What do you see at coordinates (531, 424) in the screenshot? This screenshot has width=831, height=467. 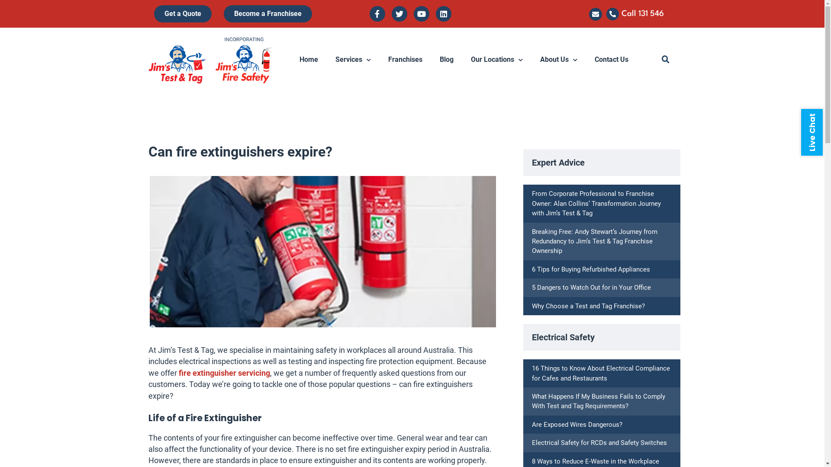 I see `'Are Exposed Wires Dangerous?'` at bounding box center [531, 424].